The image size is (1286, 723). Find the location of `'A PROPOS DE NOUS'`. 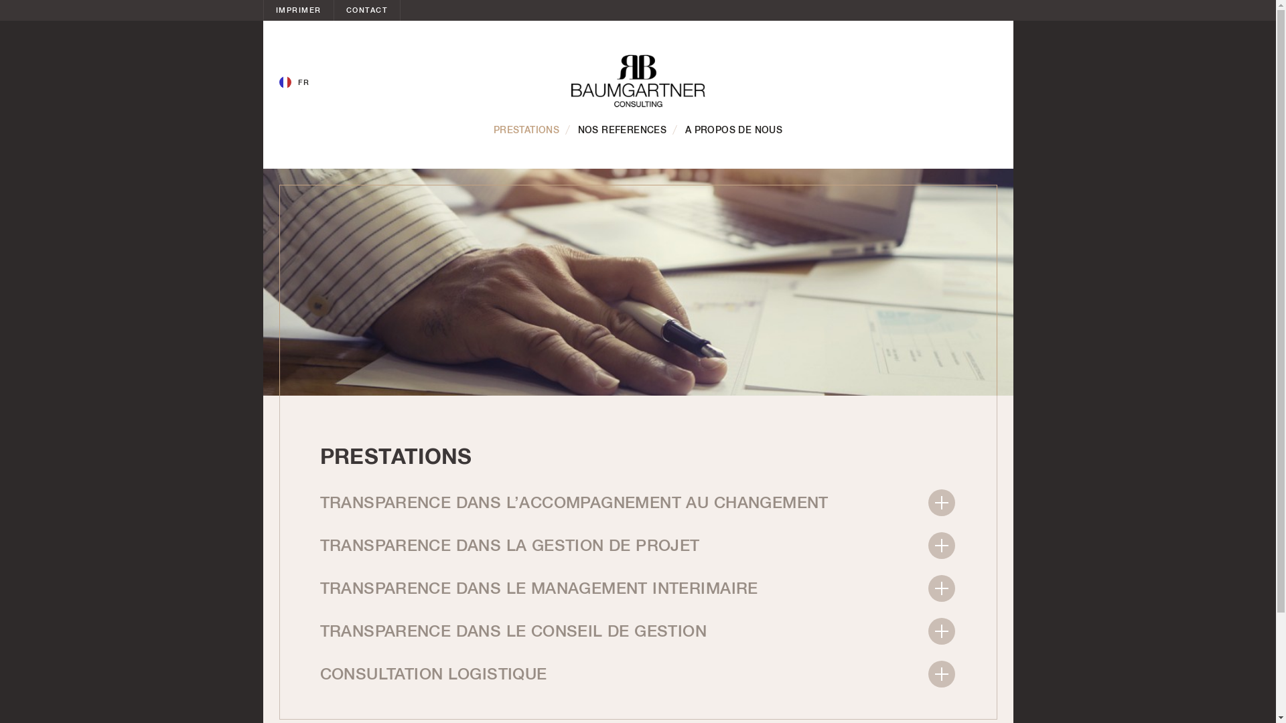

'A PROPOS DE NOUS' is located at coordinates (733, 131).